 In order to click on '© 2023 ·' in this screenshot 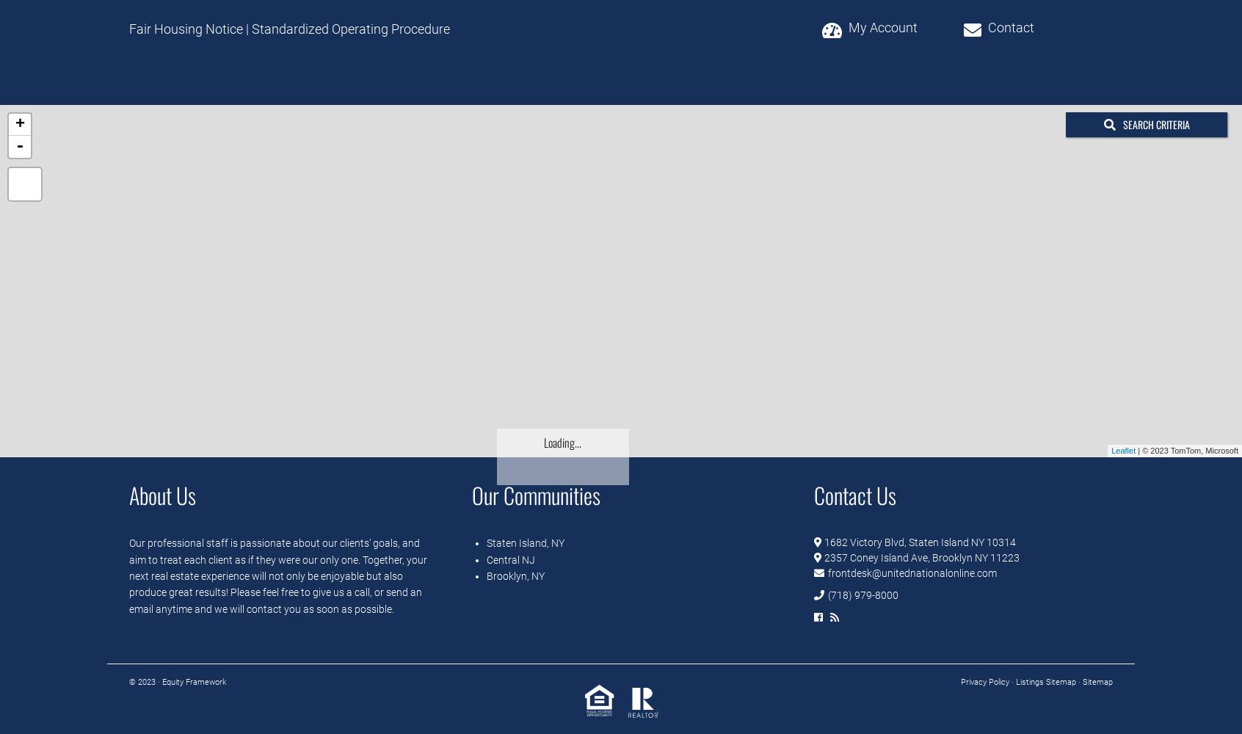, I will do `click(145, 682)`.